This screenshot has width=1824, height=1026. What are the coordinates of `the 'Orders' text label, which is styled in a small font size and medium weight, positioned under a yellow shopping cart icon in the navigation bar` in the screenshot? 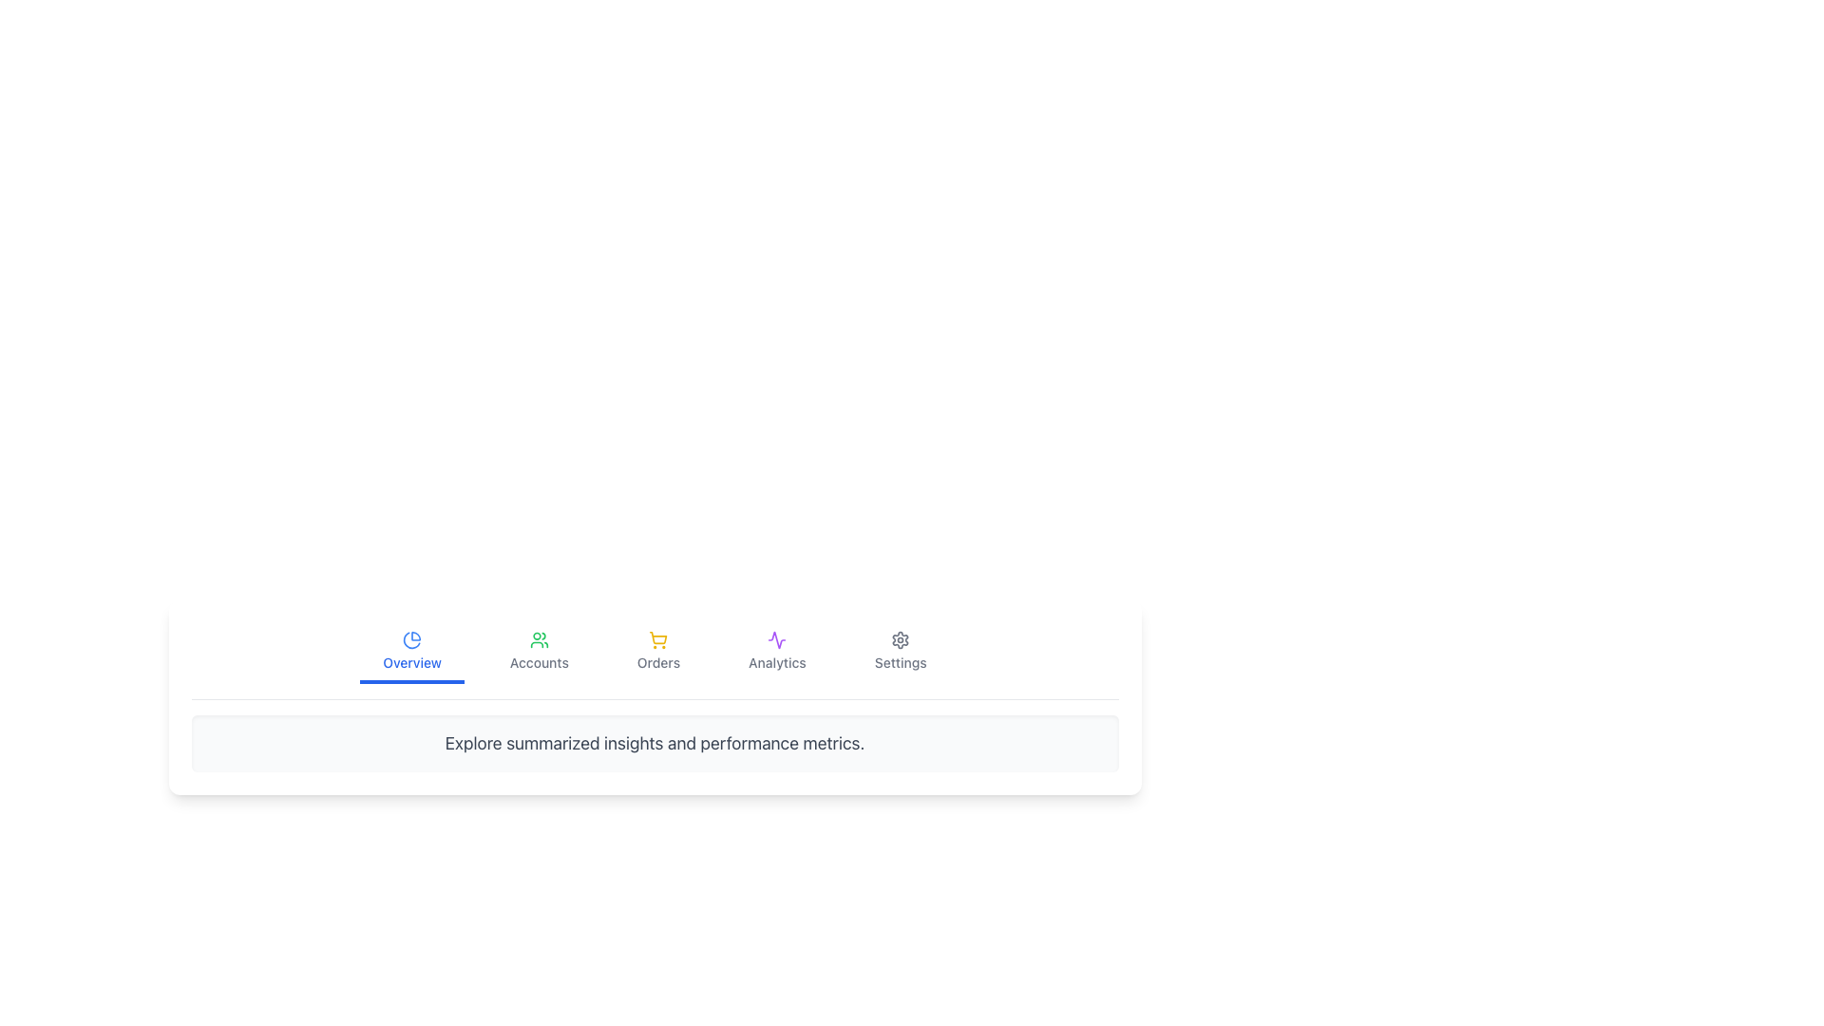 It's located at (658, 662).